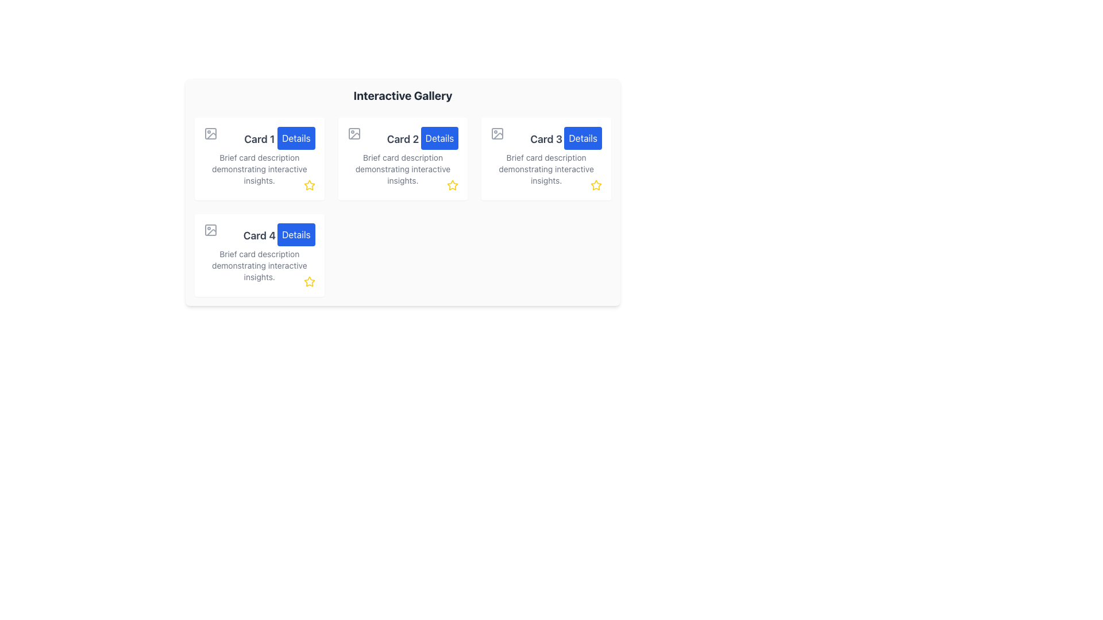 The height and width of the screenshot is (620, 1103). Describe the element at coordinates (452, 185) in the screenshot. I see `the center of the star icon used for ratings or favorites, located in the bottom-right corner of 'Card 2' in the grid layout` at that location.